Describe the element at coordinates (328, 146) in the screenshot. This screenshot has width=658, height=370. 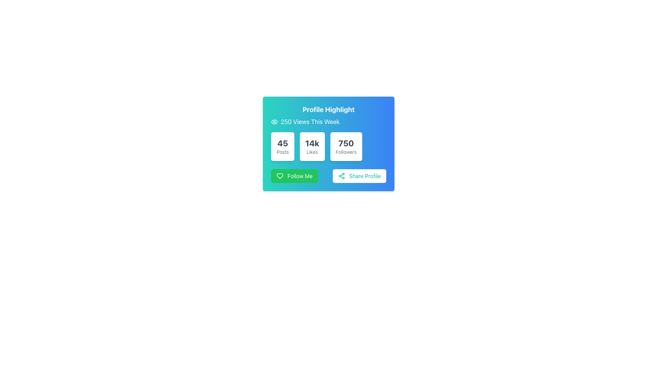
I see `the Metric Display Group that highlights key metrics such as posts, likes, and followers, positioned centrally below the '250 Views This Week' text and above the 'Follow Me' and 'Share Profile' buttons` at that location.